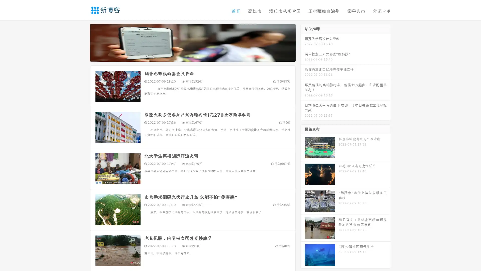 This screenshot has height=271, width=481. I want to click on Go to slide 3, so click(198, 56).